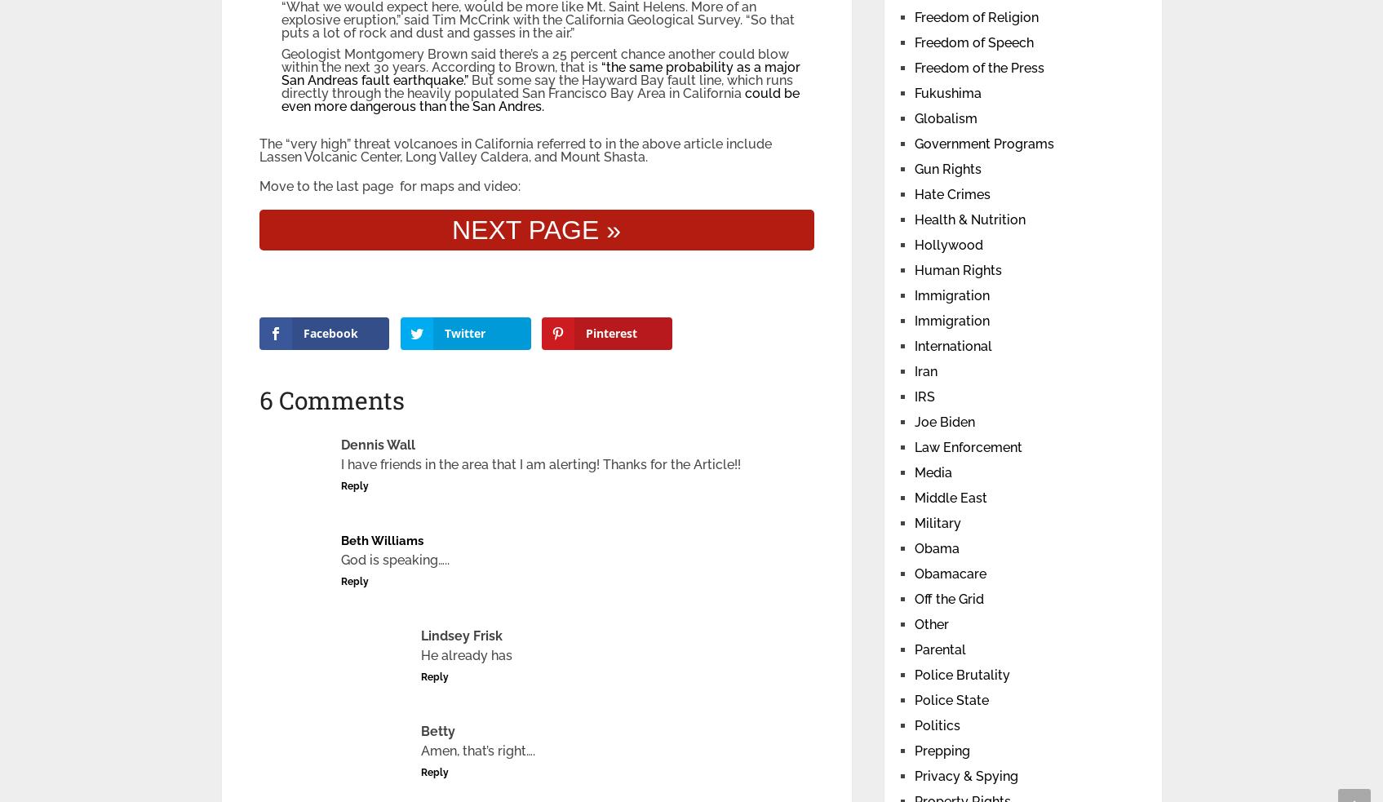 The height and width of the screenshot is (802, 1383). I want to click on 'Obama', so click(935, 547).